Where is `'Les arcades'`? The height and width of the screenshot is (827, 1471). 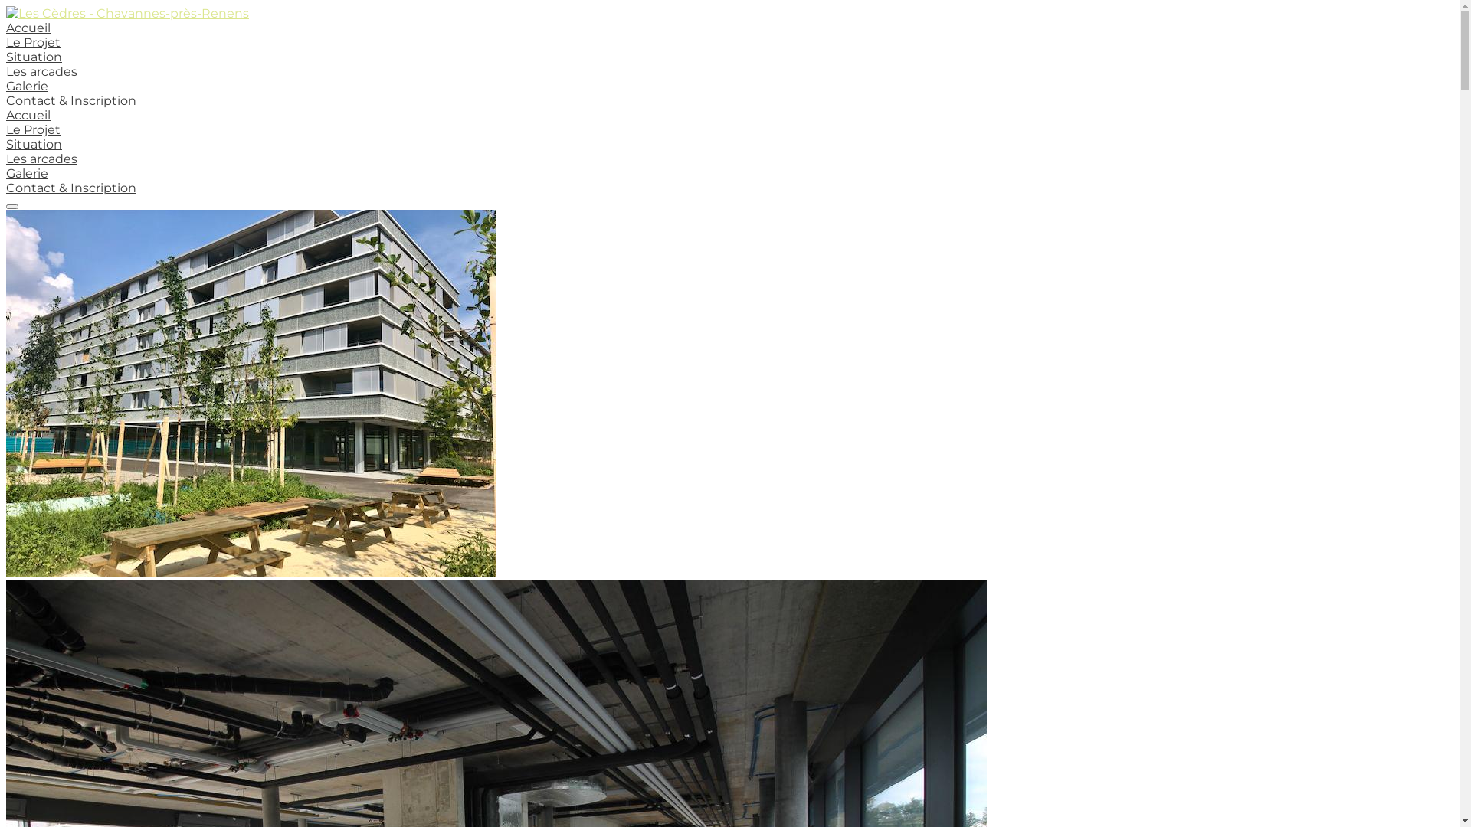 'Les arcades' is located at coordinates (41, 159).